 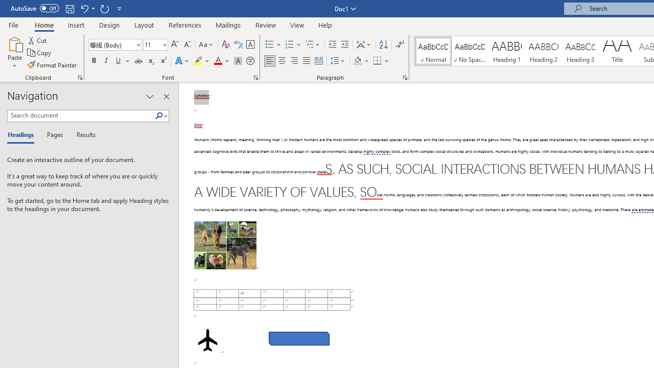 What do you see at coordinates (53, 135) in the screenshot?
I see `'Pages'` at bounding box center [53, 135].